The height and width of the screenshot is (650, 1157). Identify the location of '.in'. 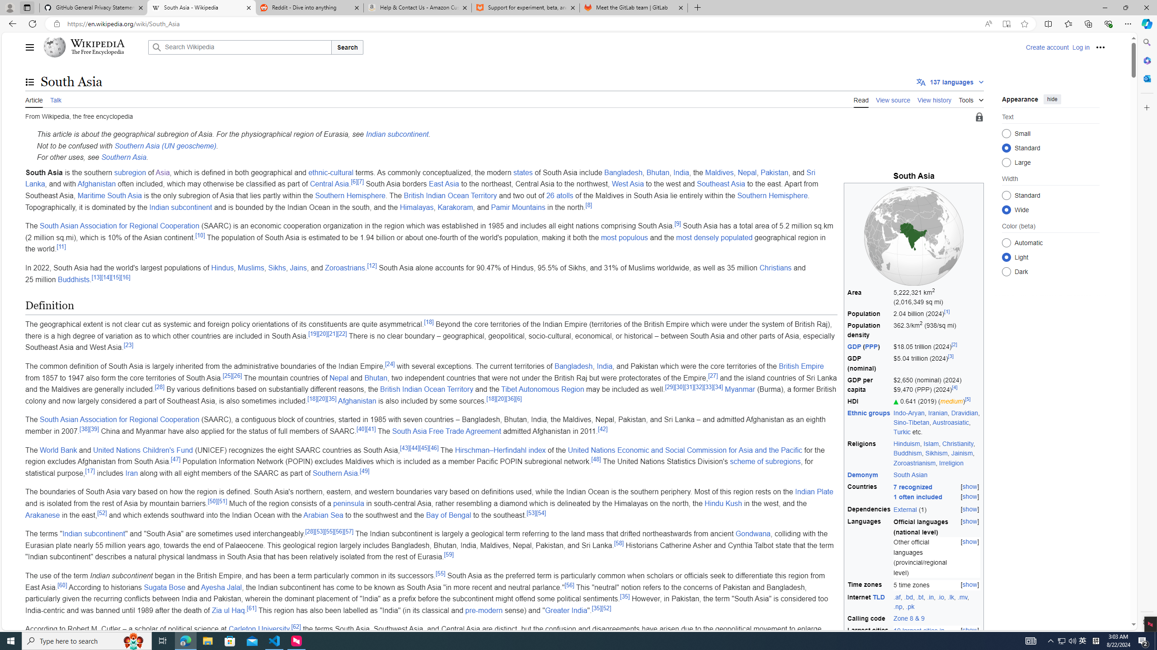
(930, 596).